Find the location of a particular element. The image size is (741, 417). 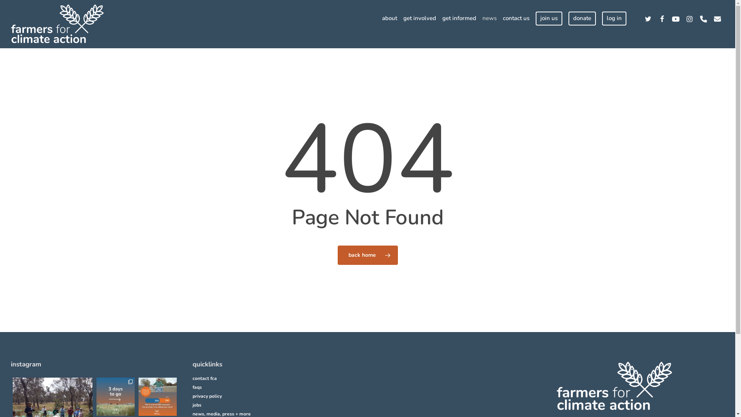

'about' is located at coordinates (389, 18).